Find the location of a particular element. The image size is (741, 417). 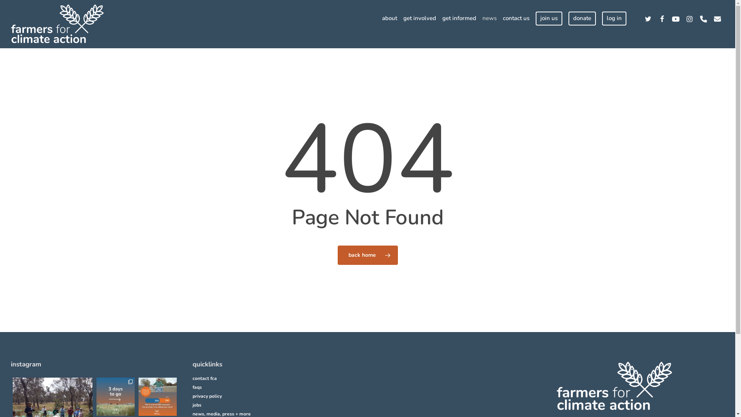

'about' is located at coordinates (389, 18).